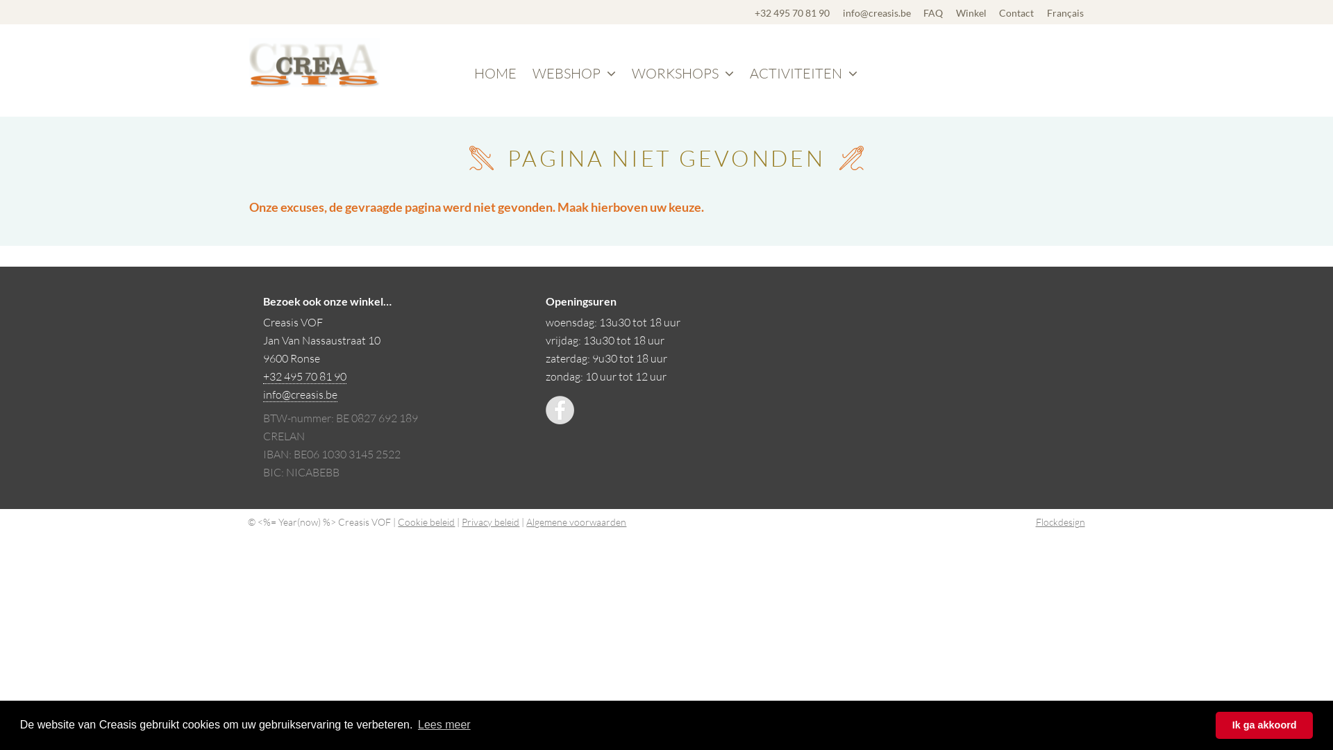  I want to click on 'Winkel', so click(955, 12).